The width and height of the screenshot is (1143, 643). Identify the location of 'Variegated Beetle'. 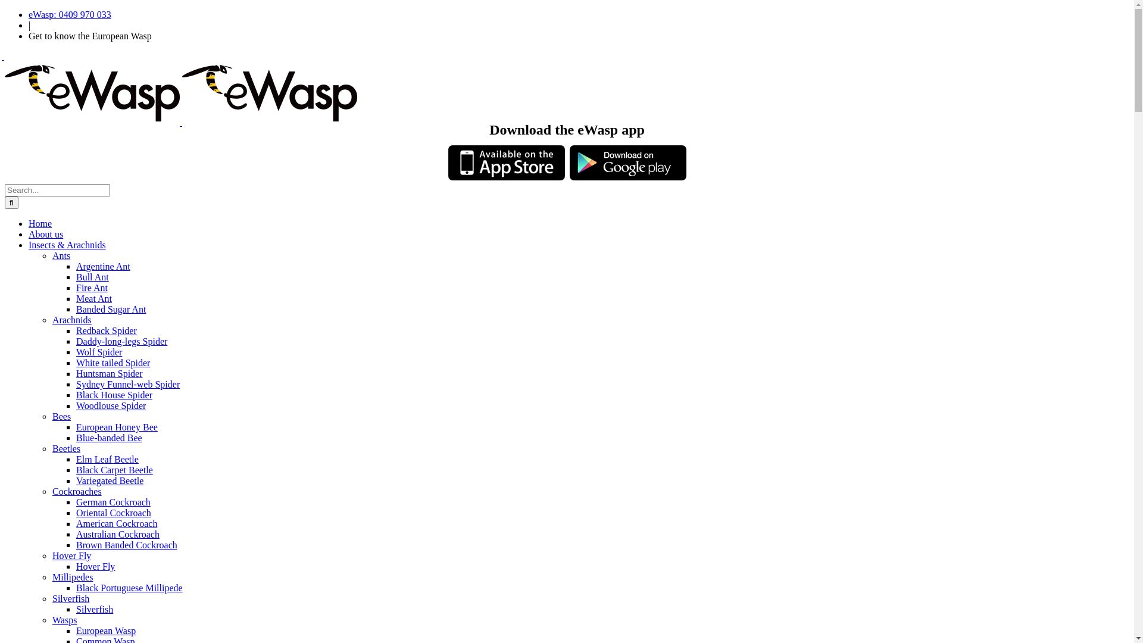
(110, 480).